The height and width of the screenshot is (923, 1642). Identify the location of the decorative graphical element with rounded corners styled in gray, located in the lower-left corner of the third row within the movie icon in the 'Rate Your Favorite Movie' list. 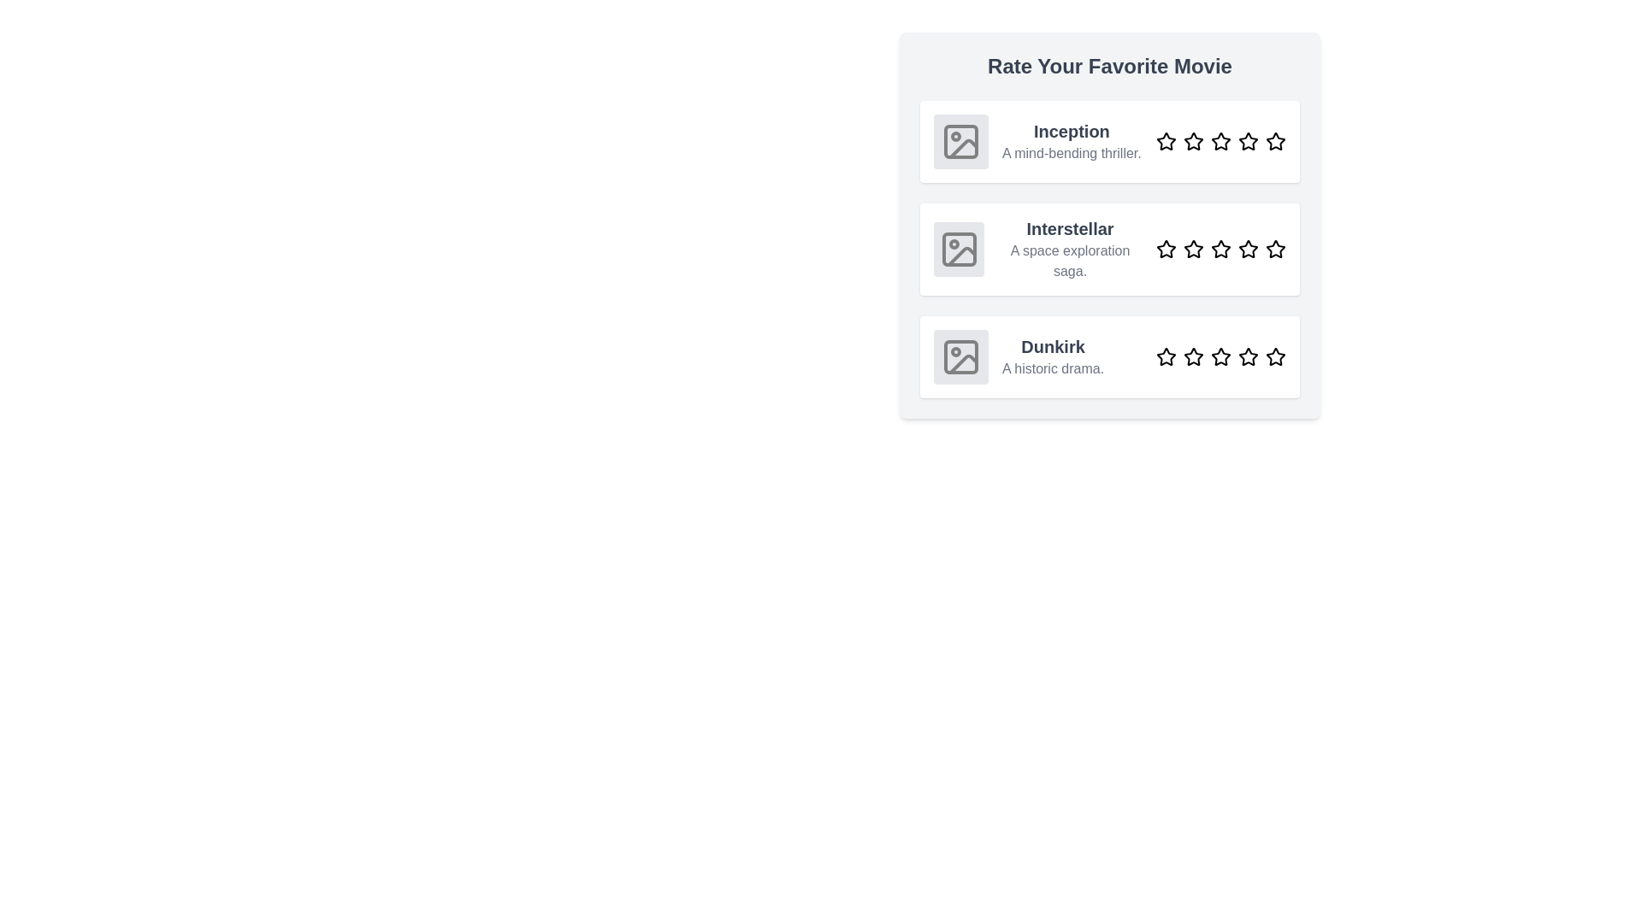
(960, 356).